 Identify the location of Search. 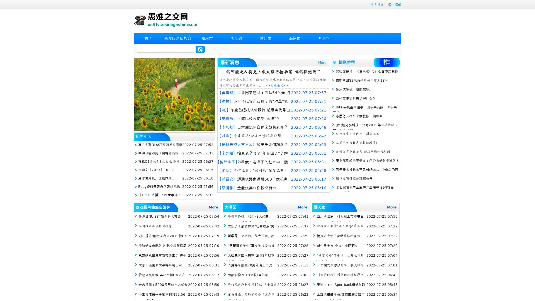
(200, 49).